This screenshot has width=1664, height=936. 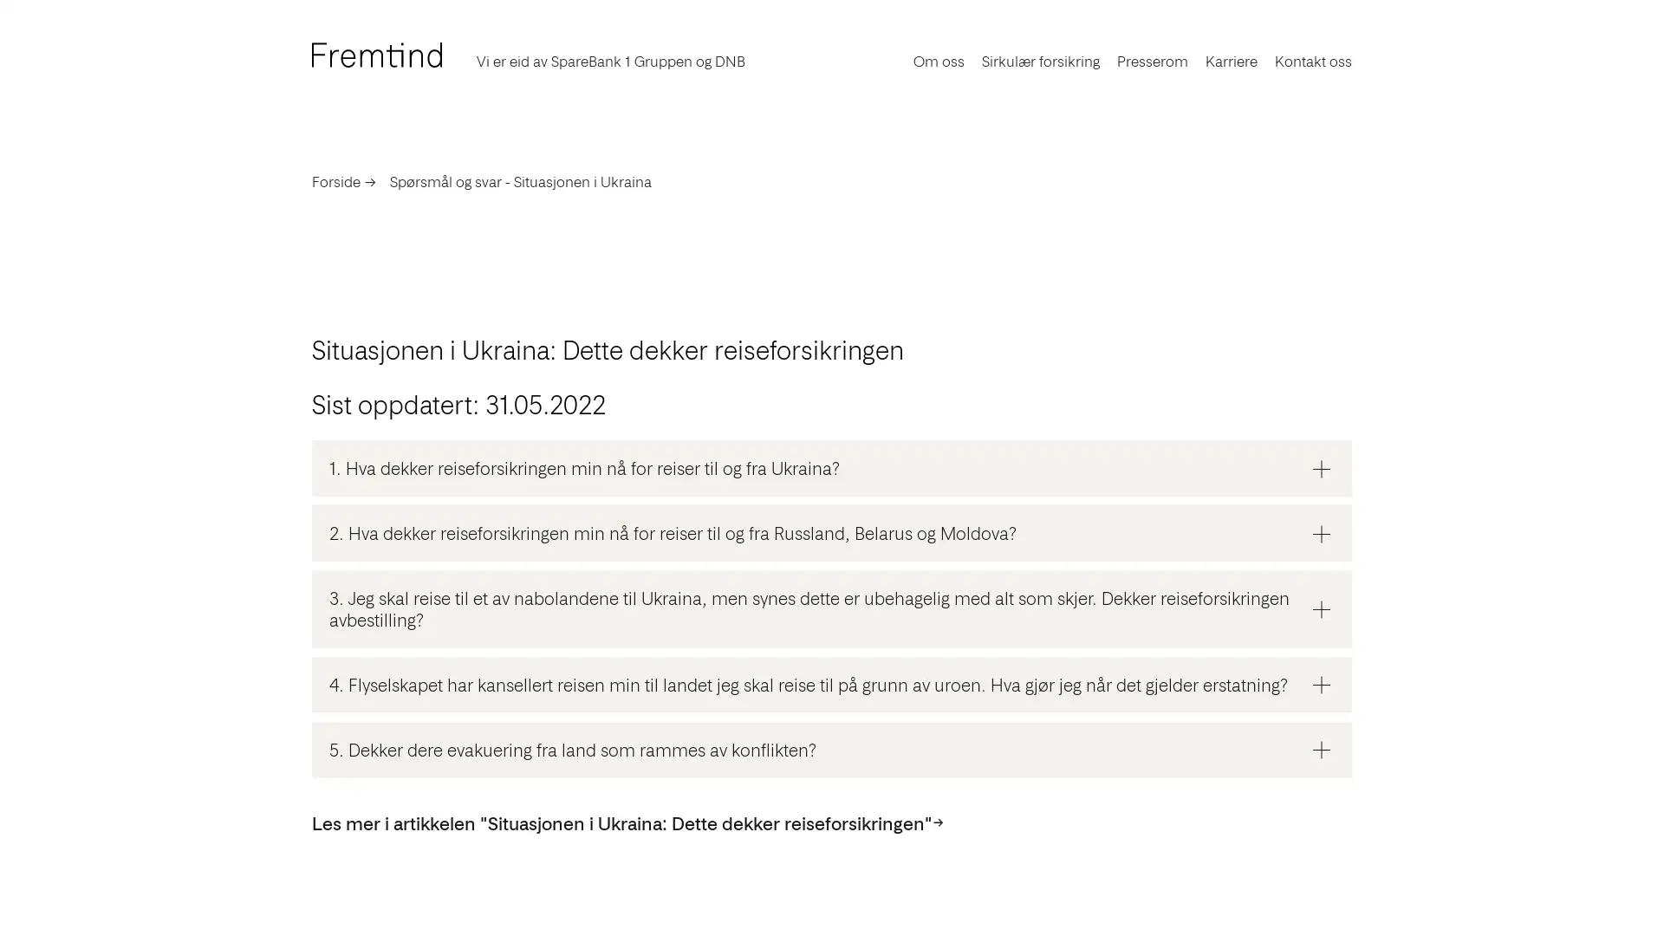 I want to click on 1. Hva dekker reiseforsikringen min na for reiser til og fra Ukraina?, so click(x=832, y=468).